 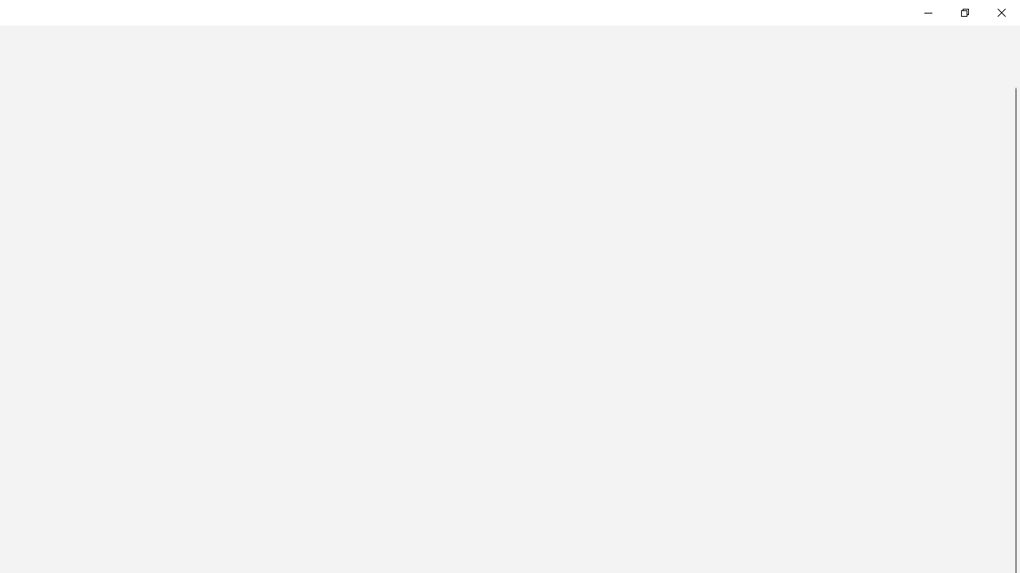 I want to click on 'Close Feedback Hub', so click(x=1000, y=12).